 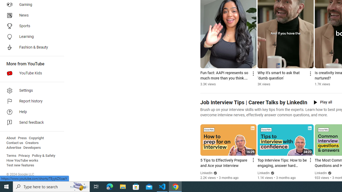 What do you see at coordinates (30, 123) in the screenshot?
I see `'Send feedback'` at bounding box center [30, 123].